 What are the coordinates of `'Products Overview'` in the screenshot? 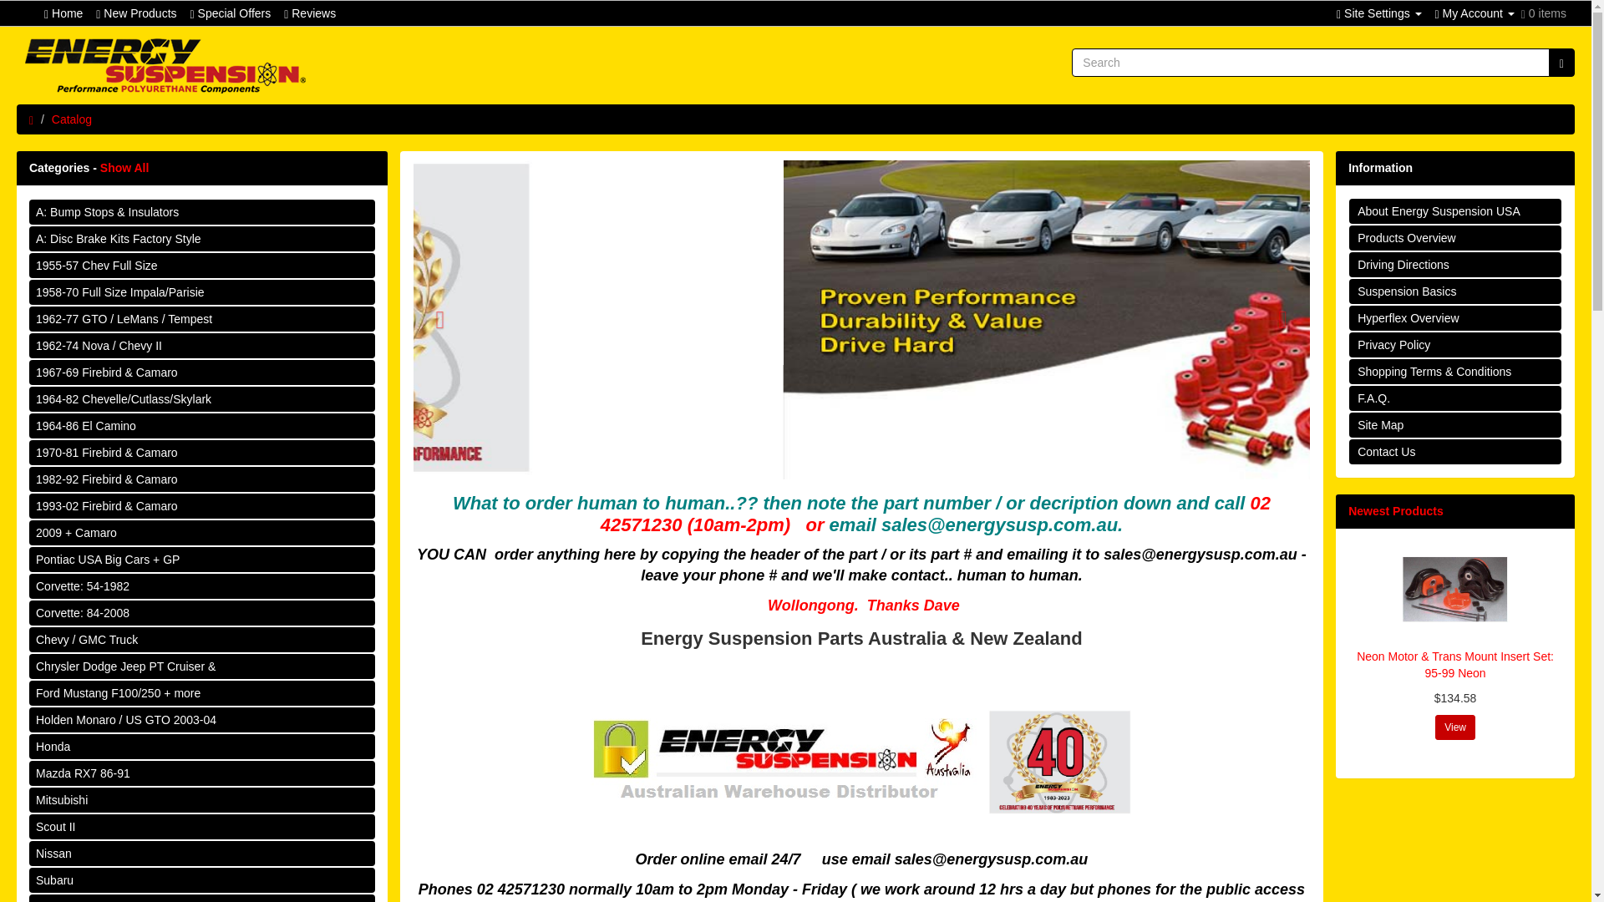 It's located at (1454, 238).